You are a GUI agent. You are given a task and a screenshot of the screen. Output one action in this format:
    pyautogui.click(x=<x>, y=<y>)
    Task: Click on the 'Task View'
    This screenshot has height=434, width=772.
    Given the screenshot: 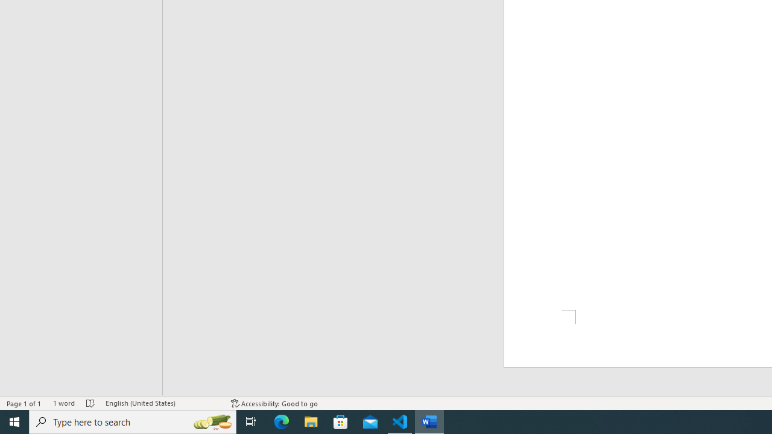 What is the action you would take?
    pyautogui.click(x=250, y=421)
    